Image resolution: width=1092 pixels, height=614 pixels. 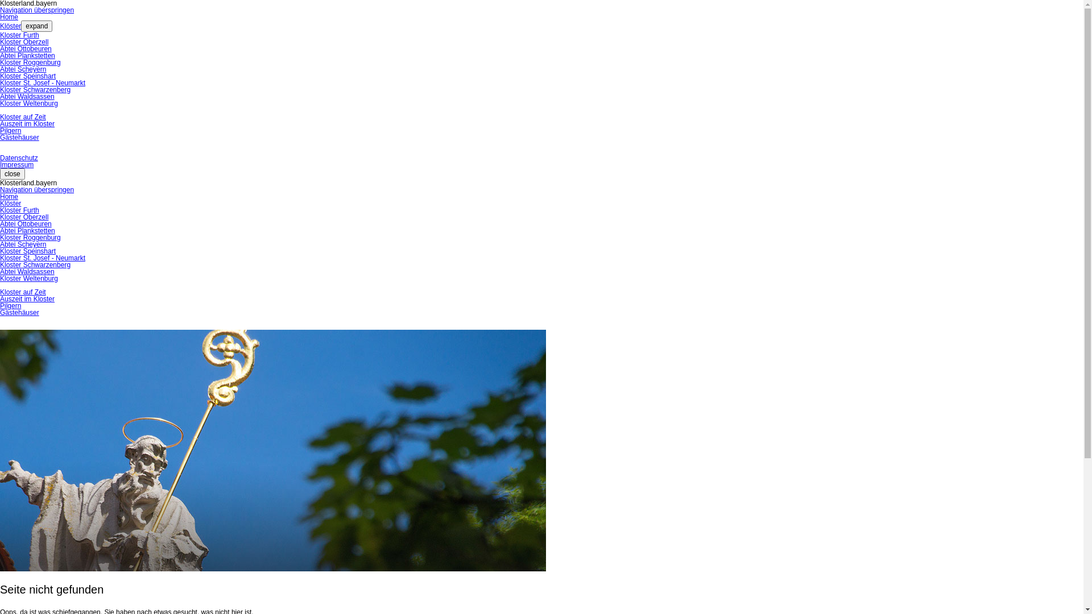 I want to click on 'Kloster Speinshart', so click(x=0, y=76).